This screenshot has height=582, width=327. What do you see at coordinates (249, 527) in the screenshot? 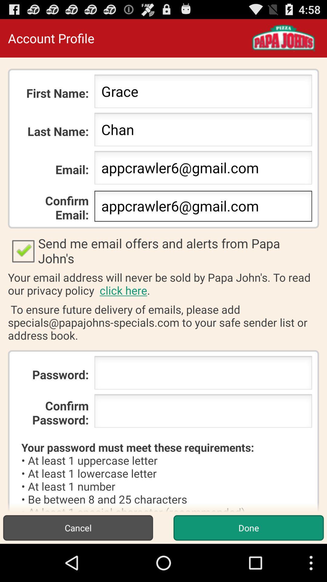
I see `the button next to the cancel icon` at bounding box center [249, 527].